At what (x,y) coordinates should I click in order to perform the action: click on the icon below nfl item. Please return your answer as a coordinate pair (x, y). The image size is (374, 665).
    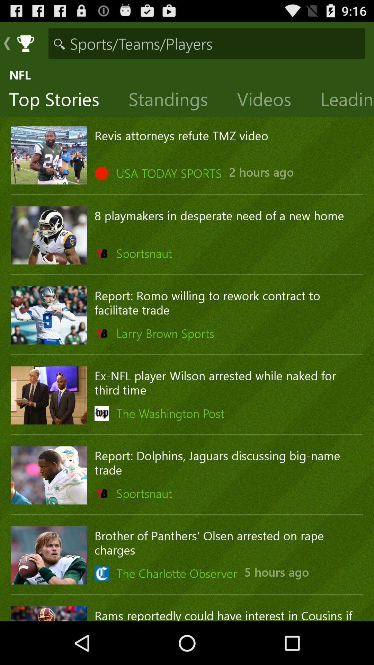
    Looking at the image, I should click on (59, 100).